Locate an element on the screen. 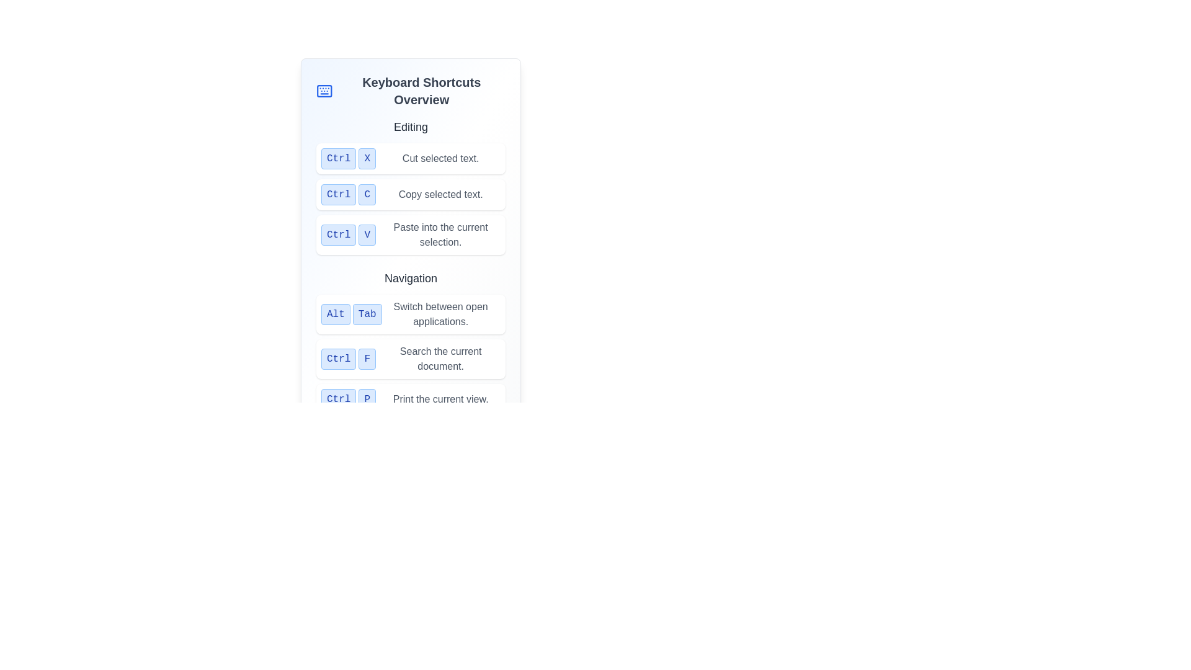  the text label displaying 'Editing' in bold and larger size, located at the top of its section above a list of keyboard shortcuts is located at coordinates (411, 127).